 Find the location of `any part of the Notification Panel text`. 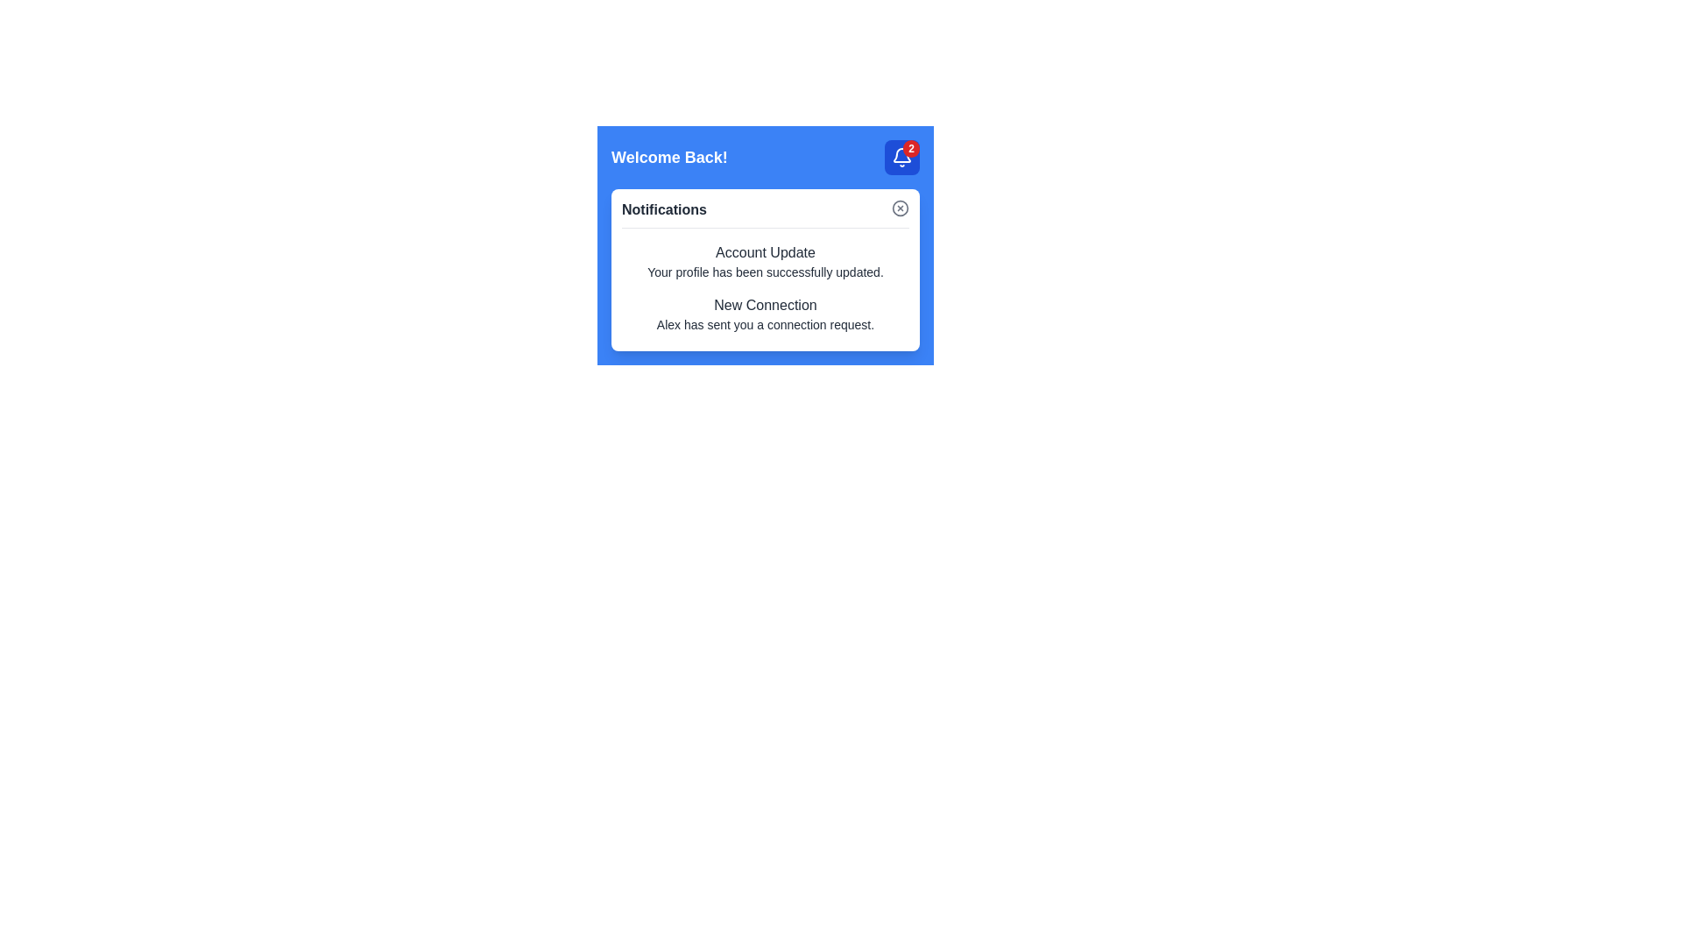

any part of the Notification Panel text is located at coordinates (765, 270).